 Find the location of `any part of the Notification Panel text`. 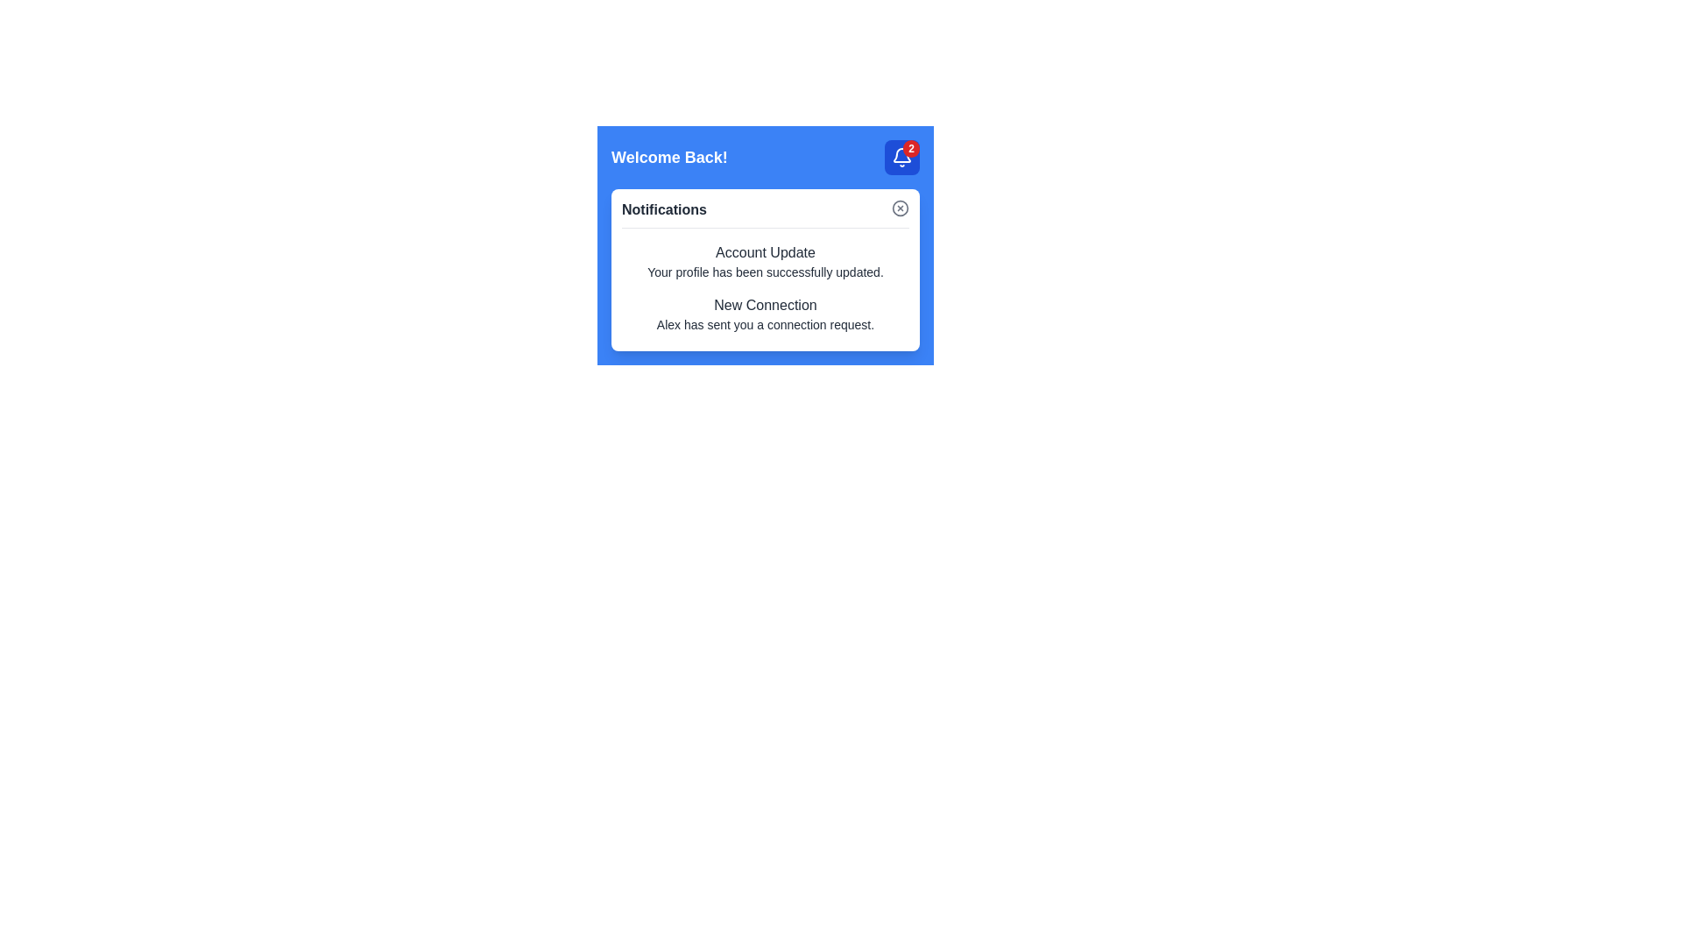

any part of the Notification Panel text is located at coordinates (765, 270).